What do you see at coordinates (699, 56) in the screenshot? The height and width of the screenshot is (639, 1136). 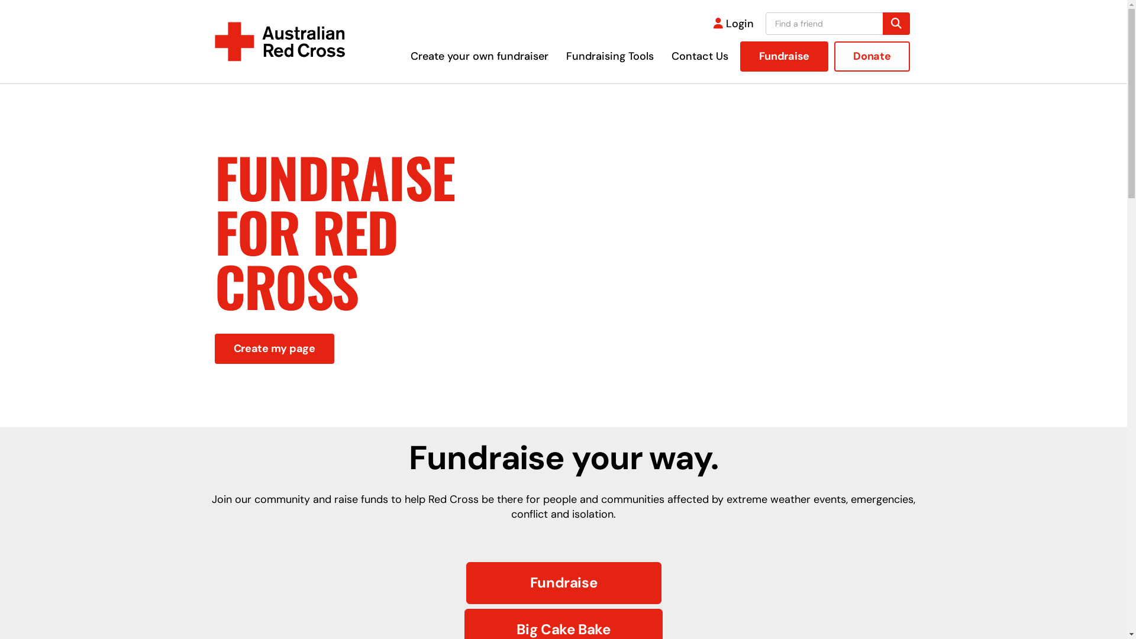 I see `'Contact Us'` at bounding box center [699, 56].